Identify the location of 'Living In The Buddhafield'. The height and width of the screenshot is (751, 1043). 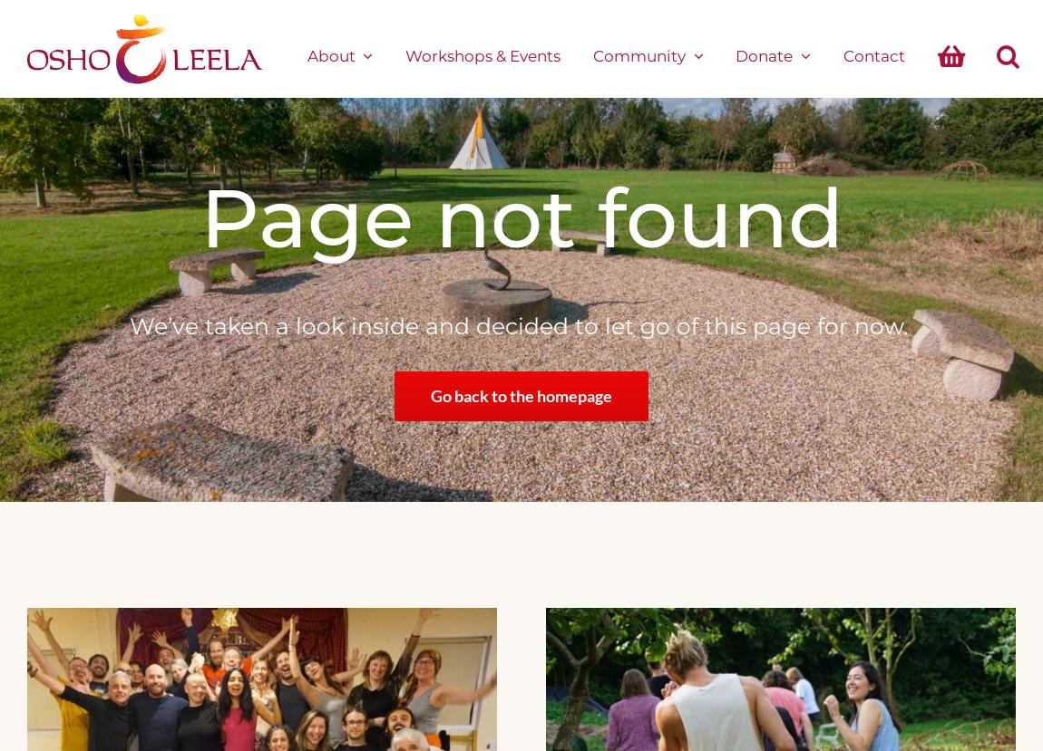
(679, 216).